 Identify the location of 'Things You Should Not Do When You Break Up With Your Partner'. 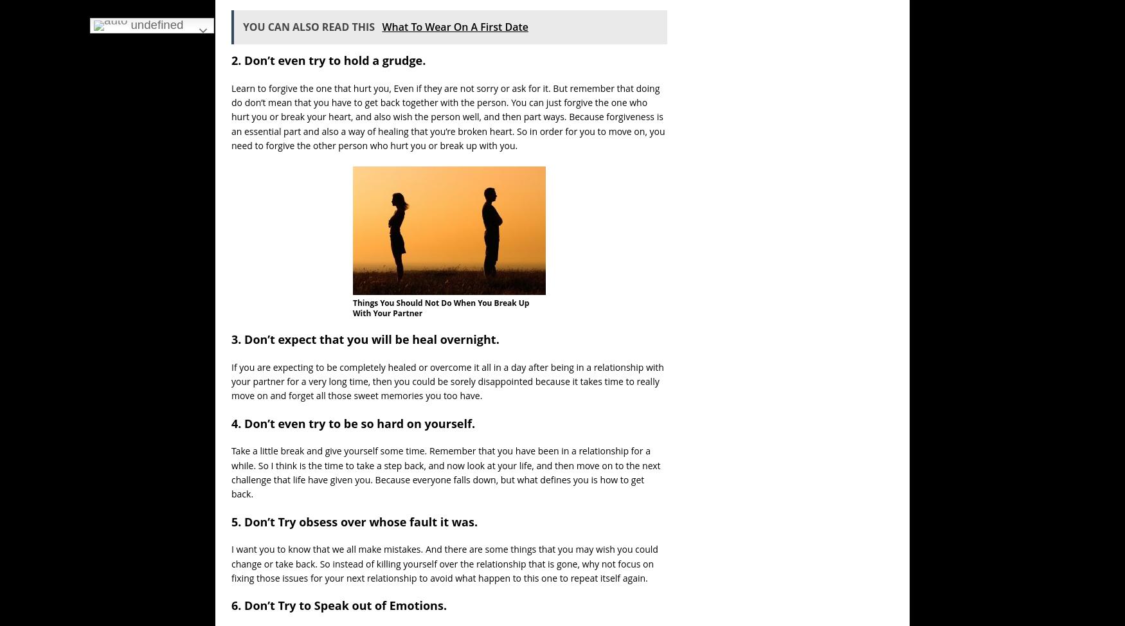
(440, 307).